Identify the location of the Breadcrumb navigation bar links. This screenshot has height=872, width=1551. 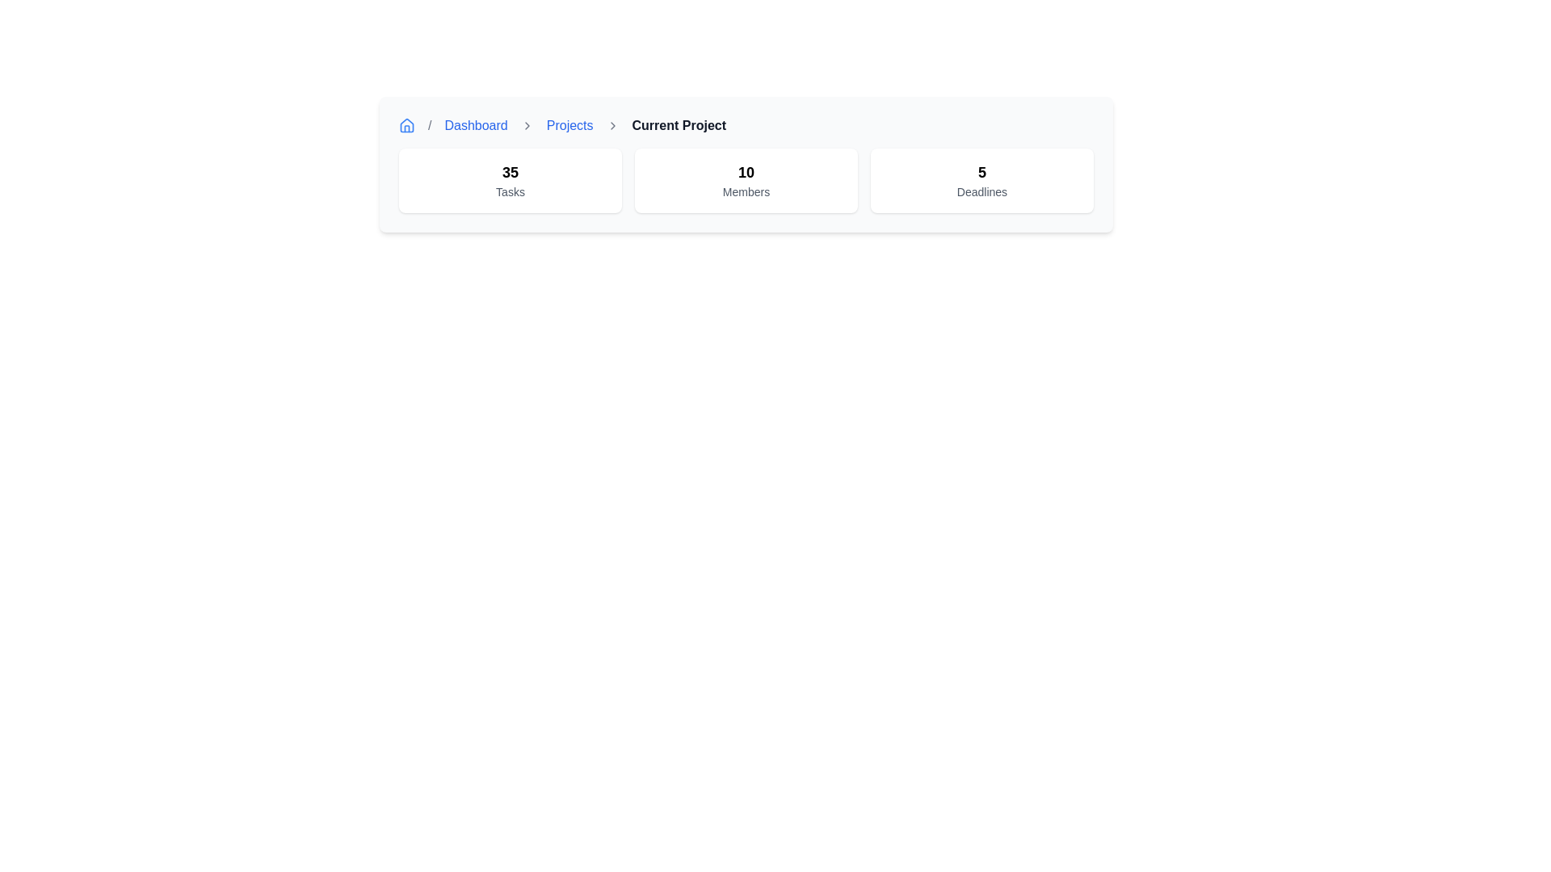
(746, 124).